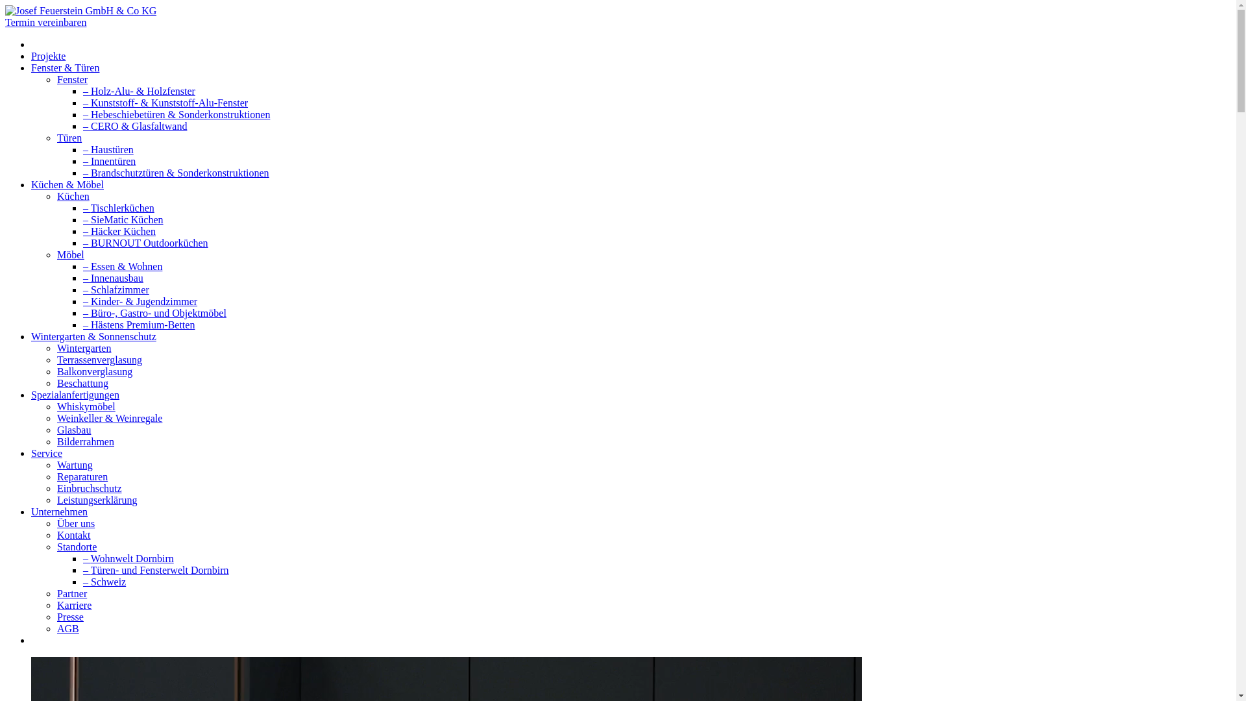  Describe the element at coordinates (45, 22) in the screenshot. I see `'Termin vereinbaren'` at that location.